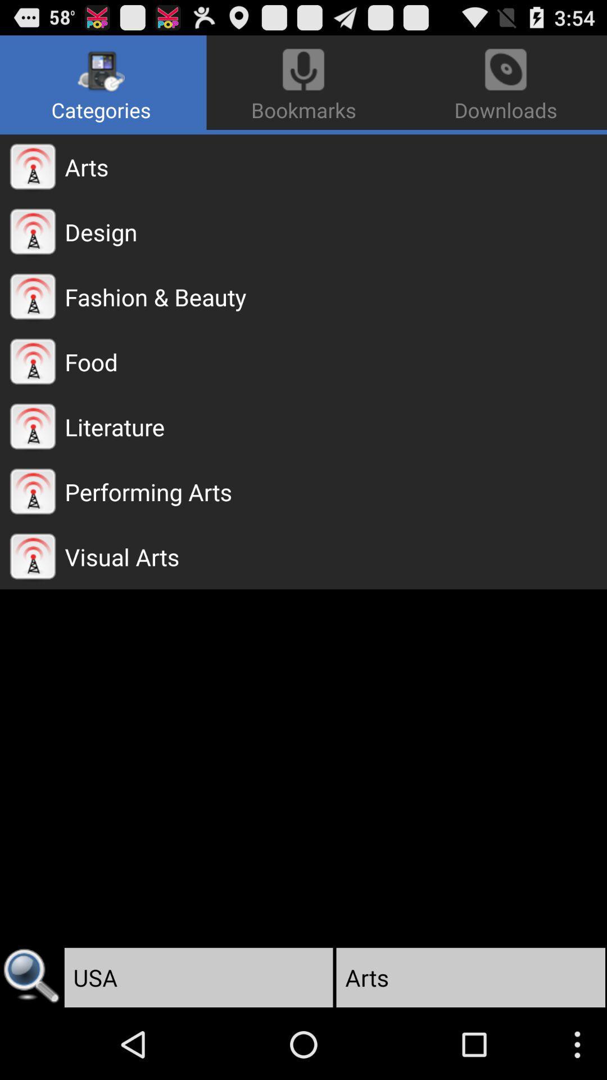 This screenshot has height=1080, width=607. Describe the element at coordinates (335, 492) in the screenshot. I see `performing arts item` at that location.